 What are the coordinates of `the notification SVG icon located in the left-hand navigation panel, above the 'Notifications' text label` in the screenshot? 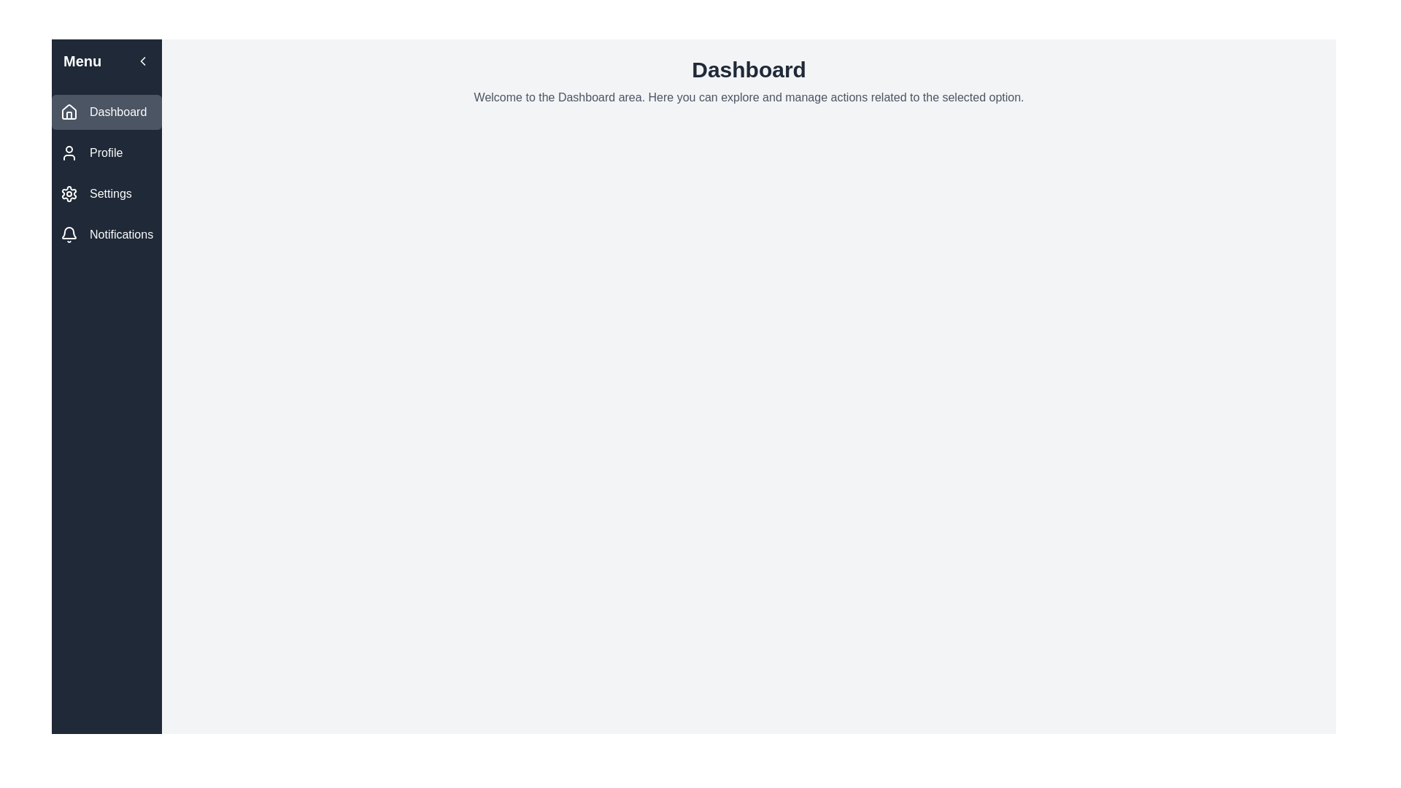 It's located at (69, 233).